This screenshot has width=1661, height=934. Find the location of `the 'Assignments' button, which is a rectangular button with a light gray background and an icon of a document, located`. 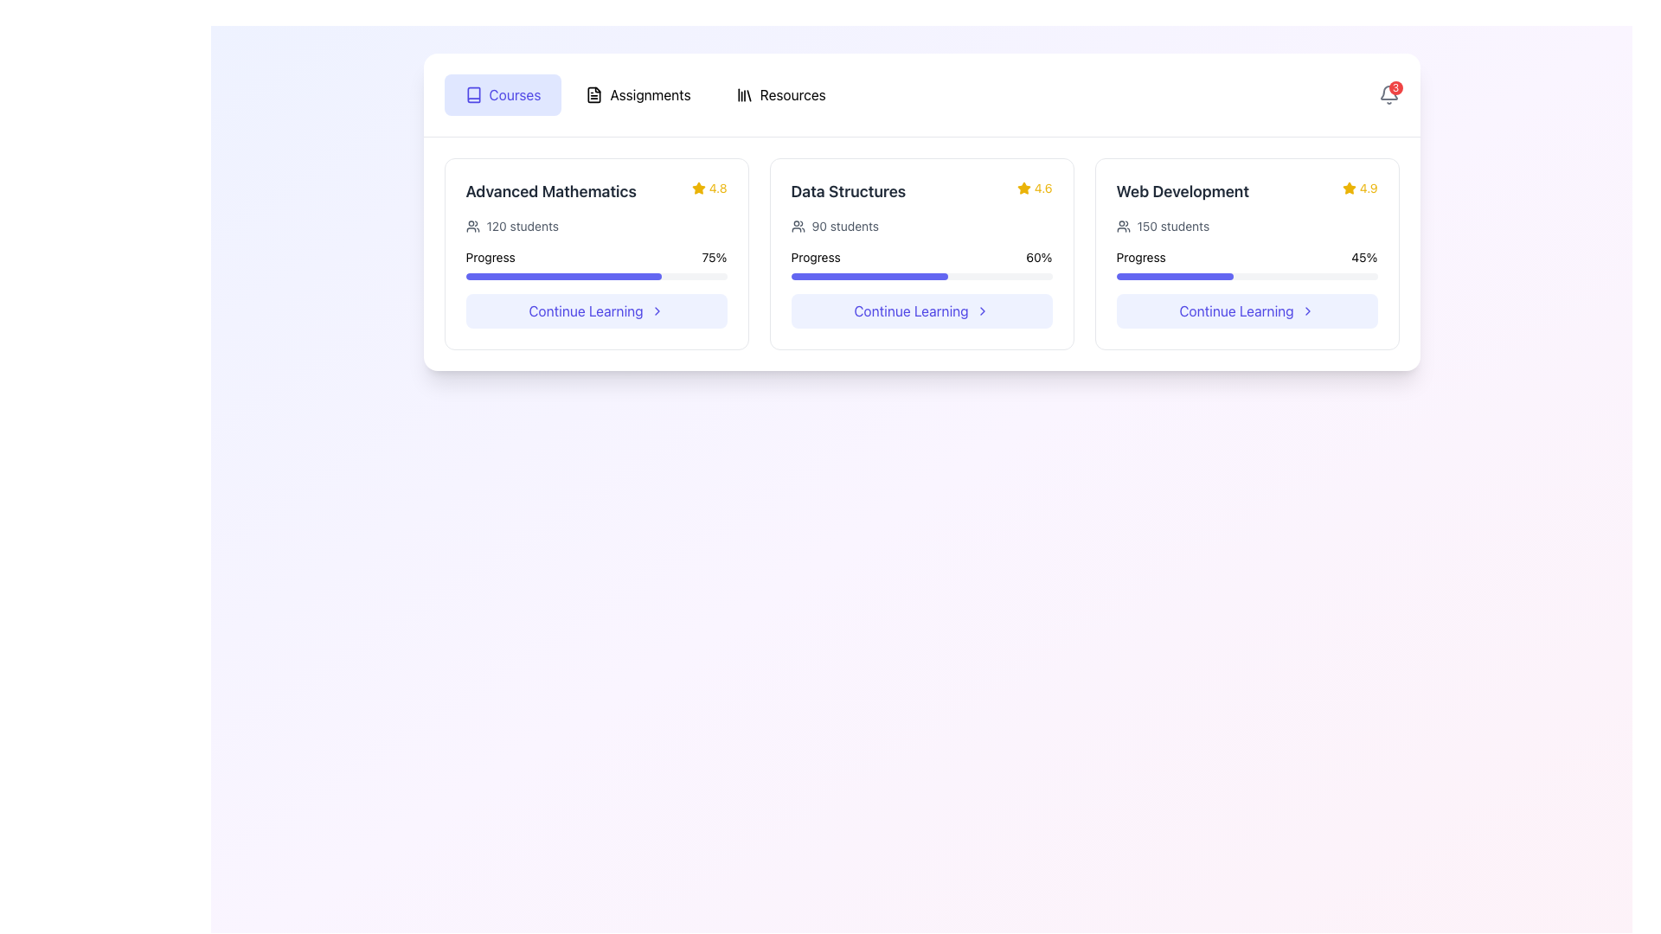

the 'Assignments' button, which is a rectangular button with a light gray background and an icon of a document, located is located at coordinates (638, 95).